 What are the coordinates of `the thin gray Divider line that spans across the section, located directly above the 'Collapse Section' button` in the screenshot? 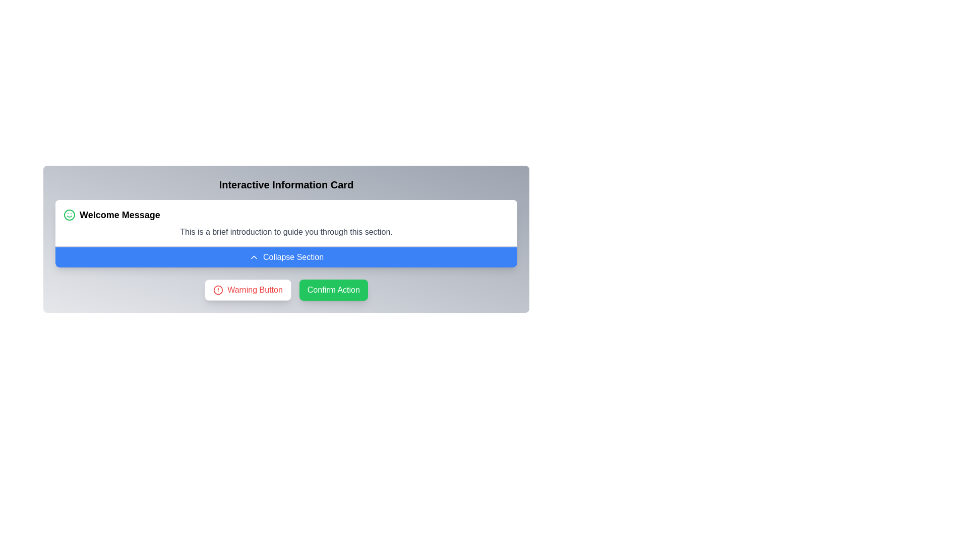 It's located at (285, 246).